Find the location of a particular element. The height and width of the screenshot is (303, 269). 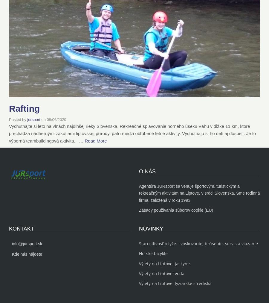

'Kde nás nájdete' is located at coordinates (27, 254).